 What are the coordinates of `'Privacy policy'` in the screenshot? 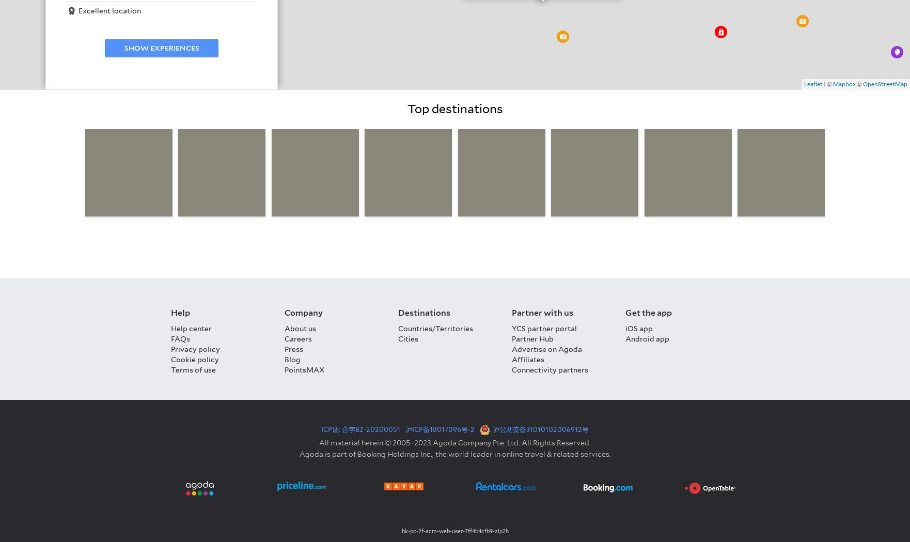 It's located at (171, 348).